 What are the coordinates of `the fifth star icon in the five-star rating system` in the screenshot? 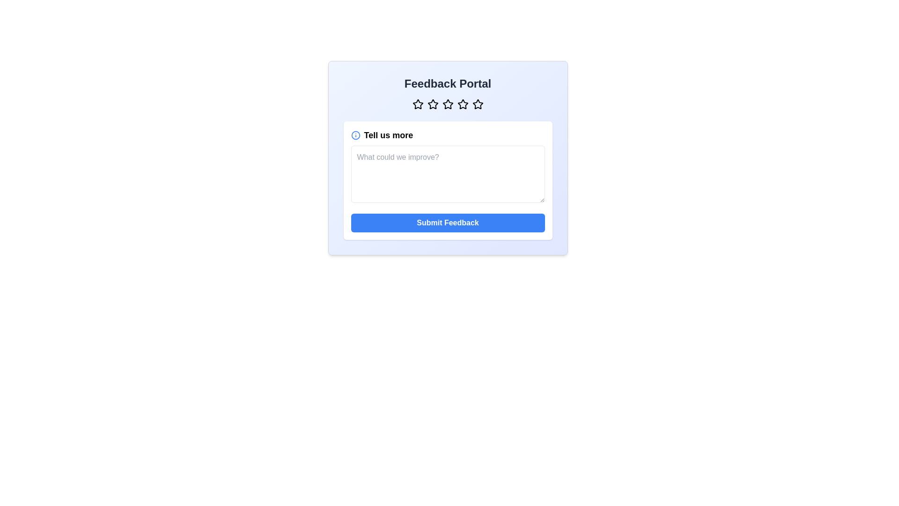 It's located at (477, 104).